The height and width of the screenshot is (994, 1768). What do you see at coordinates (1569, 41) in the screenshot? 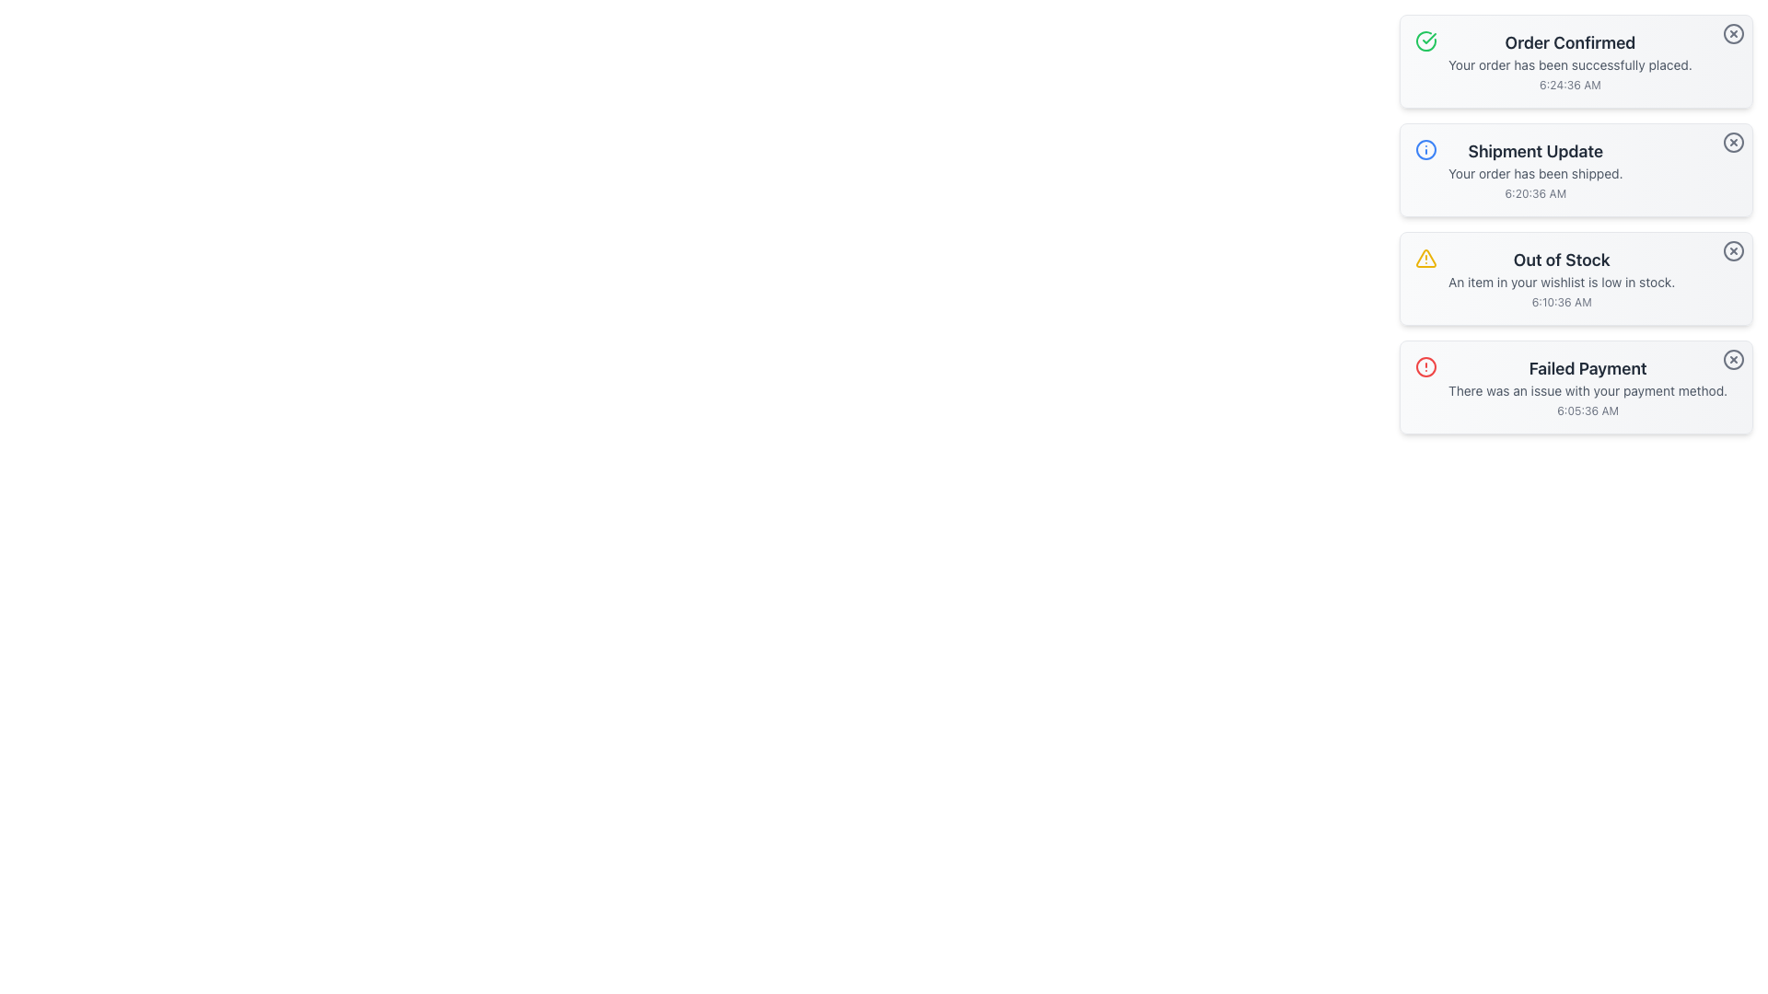
I see `the static text label displaying the title 'Order Confirmed' in the notification card located at the top of the list` at bounding box center [1569, 41].